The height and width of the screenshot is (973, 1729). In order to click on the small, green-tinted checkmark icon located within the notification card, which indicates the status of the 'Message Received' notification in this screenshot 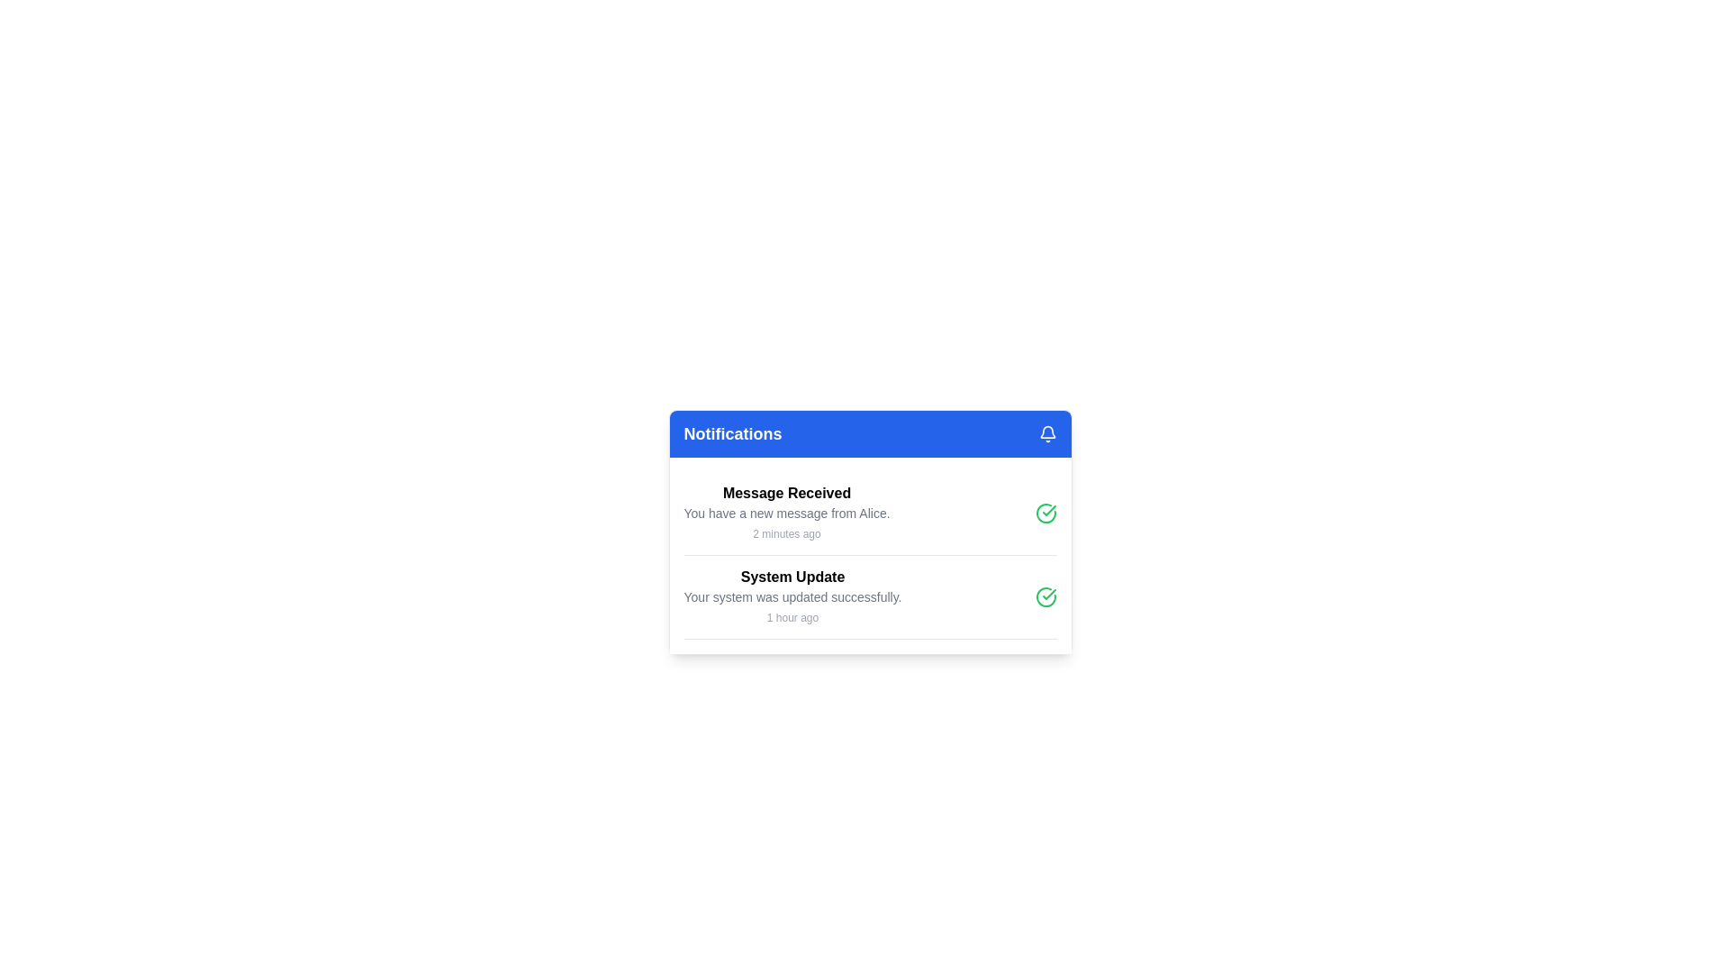, I will do `click(1049, 594)`.